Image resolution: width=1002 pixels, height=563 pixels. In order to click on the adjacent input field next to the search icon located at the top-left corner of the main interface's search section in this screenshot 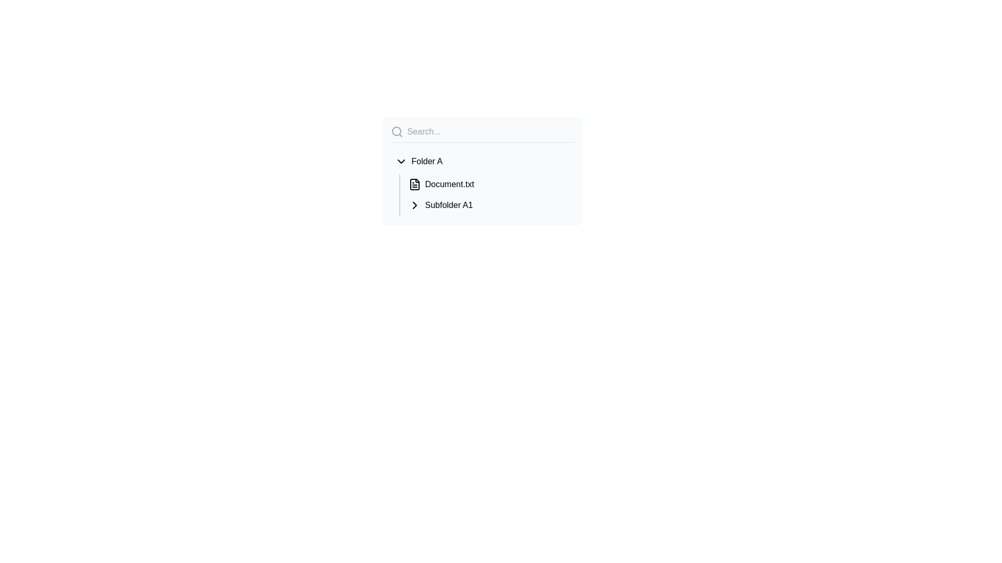, I will do `click(396, 131)`.